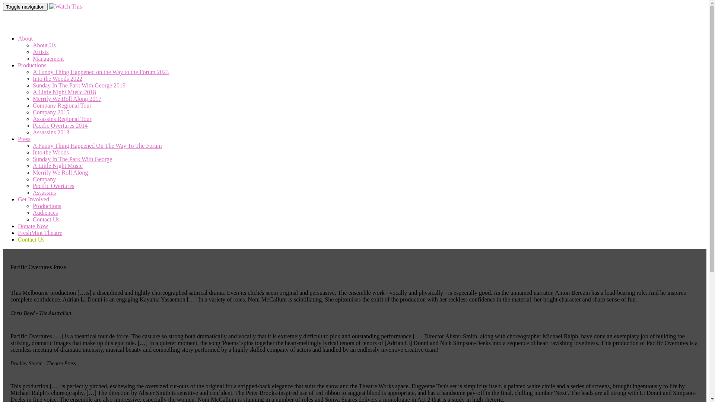 This screenshot has height=402, width=715. Describe the element at coordinates (48, 58) in the screenshot. I see `'Management'` at that location.